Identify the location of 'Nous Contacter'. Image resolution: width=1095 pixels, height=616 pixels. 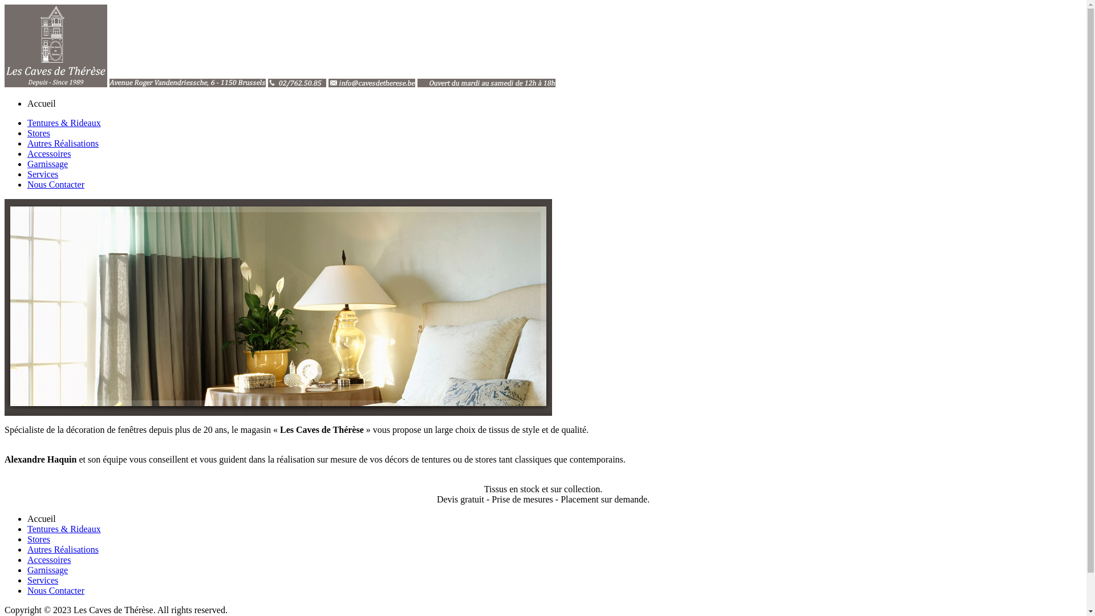
(55, 590).